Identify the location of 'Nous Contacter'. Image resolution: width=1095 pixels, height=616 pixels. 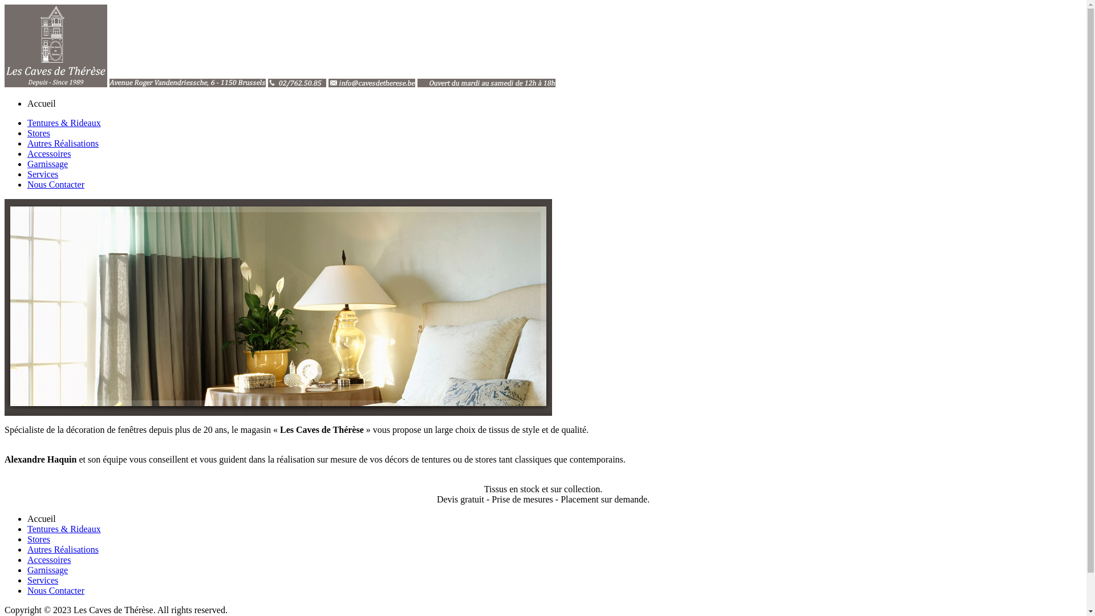
(55, 590).